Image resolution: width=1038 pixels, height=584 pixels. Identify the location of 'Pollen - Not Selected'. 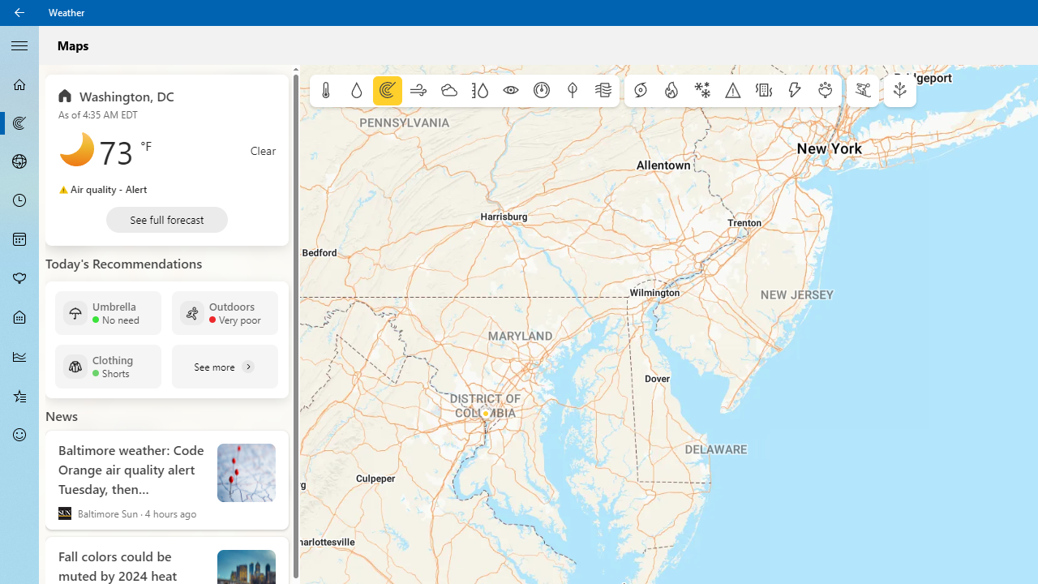
(19, 277).